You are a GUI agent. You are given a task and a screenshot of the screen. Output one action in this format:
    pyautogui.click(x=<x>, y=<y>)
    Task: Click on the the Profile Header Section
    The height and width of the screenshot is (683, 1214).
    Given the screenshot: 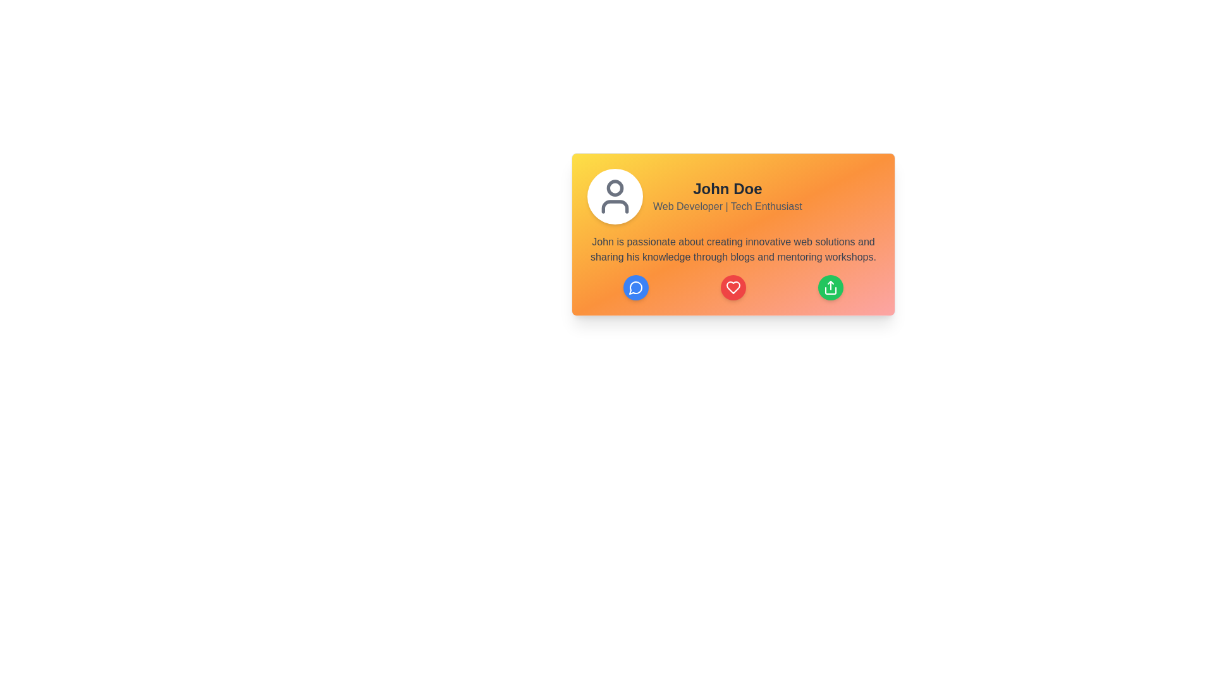 What is the action you would take?
    pyautogui.click(x=733, y=197)
    